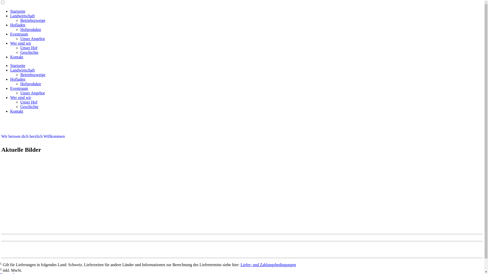 The height and width of the screenshot is (274, 488). Describe the element at coordinates (20, 43) in the screenshot. I see `'Wer sind wir'` at that location.